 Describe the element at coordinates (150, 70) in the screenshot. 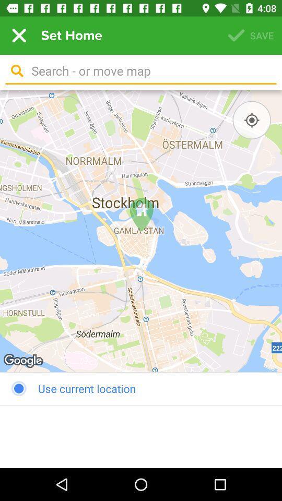

I see `search the map` at that location.